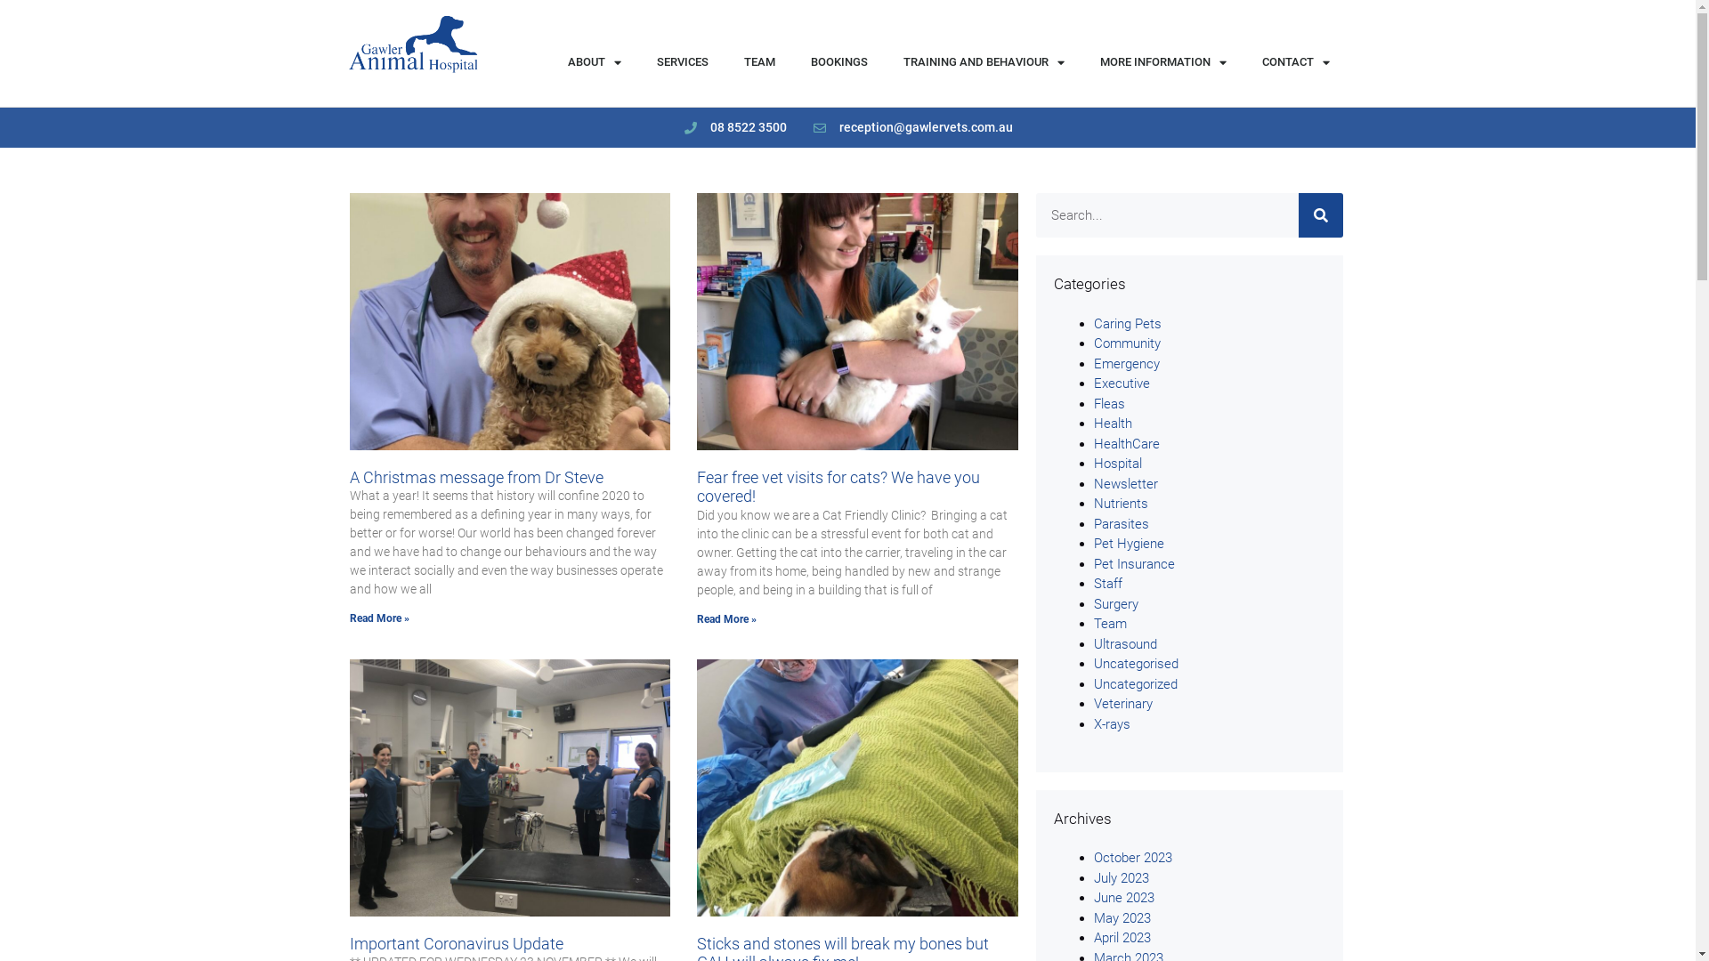 The image size is (1709, 961). I want to click on 'BOOKINGS', so click(838, 61).